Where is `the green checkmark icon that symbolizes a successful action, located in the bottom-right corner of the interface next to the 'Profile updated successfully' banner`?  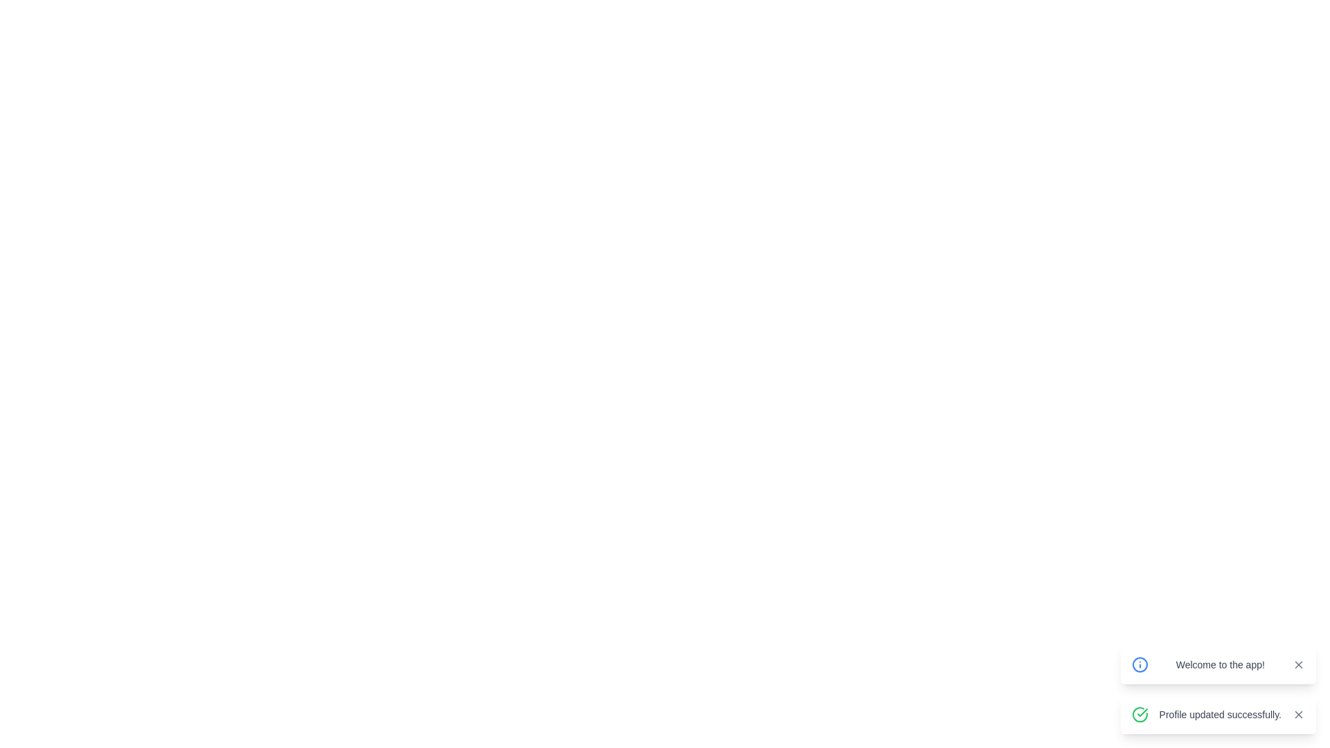 the green checkmark icon that symbolizes a successful action, located in the bottom-right corner of the interface next to the 'Profile updated successfully' banner is located at coordinates (1142, 713).